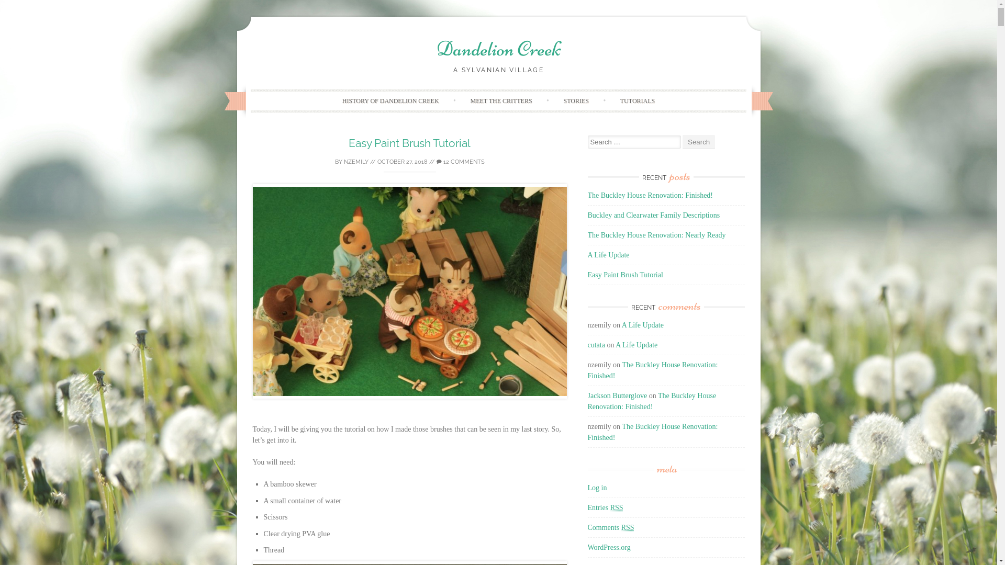 This screenshot has width=1005, height=565. I want to click on 'MEET THE CRITTERS', so click(457, 100).